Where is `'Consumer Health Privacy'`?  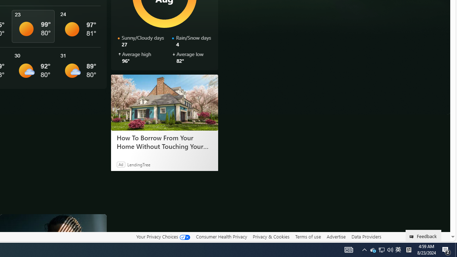
'Consumer Health Privacy' is located at coordinates (221, 237).